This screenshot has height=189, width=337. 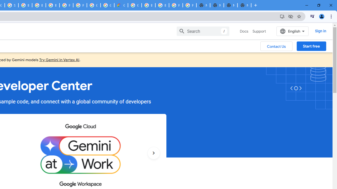 I want to click on 'Support', so click(x=259, y=31).